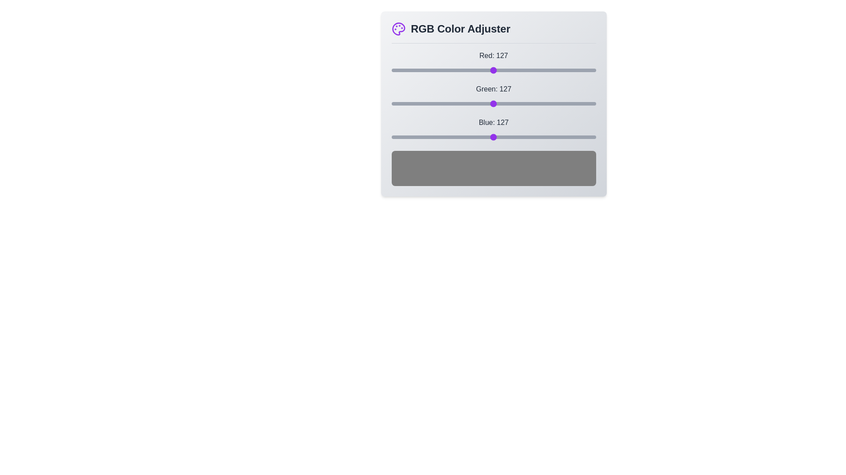 The image size is (846, 475). Describe the element at coordinates (534, 137) in the screenshot. I see `the blue slider to 178 by dragging the slider` at that location.